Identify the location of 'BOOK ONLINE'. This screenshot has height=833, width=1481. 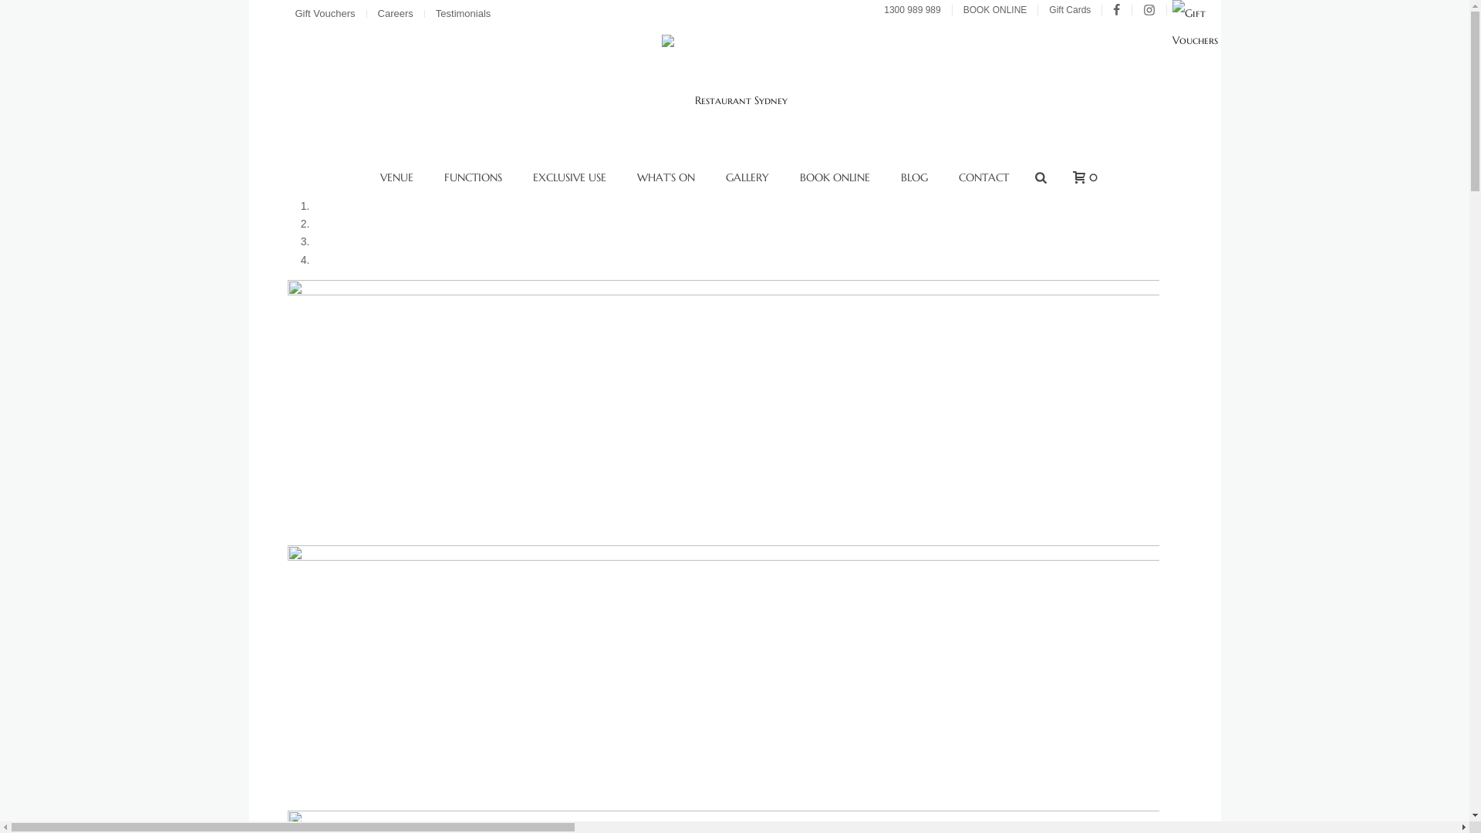
(784, 177).